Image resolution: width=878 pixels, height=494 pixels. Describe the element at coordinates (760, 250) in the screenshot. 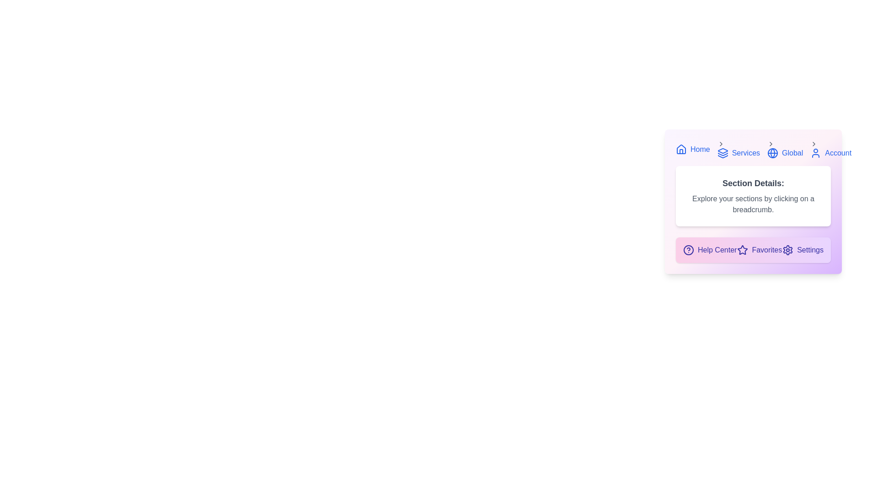

I see `the clickable text label for 'Favorites'` at that location.